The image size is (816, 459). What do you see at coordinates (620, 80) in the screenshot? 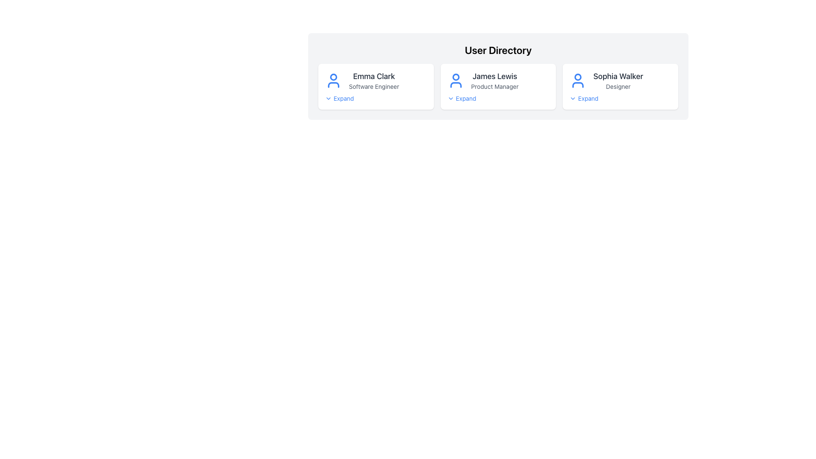
I see `the User Profile Card representing 'Sophia Walker,' who is a 'Designer,' located as the third card in the User Directory section` at bounding box center [620, 80].